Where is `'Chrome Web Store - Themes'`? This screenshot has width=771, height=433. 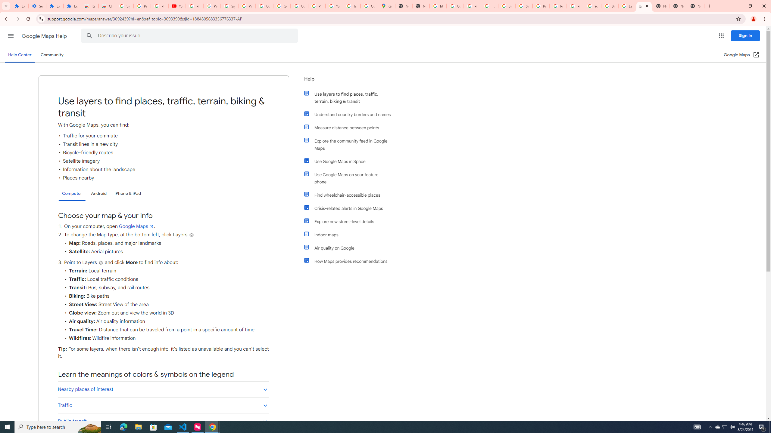
'Chrome Web Store - Themes' is located at coordinates (107, 6).